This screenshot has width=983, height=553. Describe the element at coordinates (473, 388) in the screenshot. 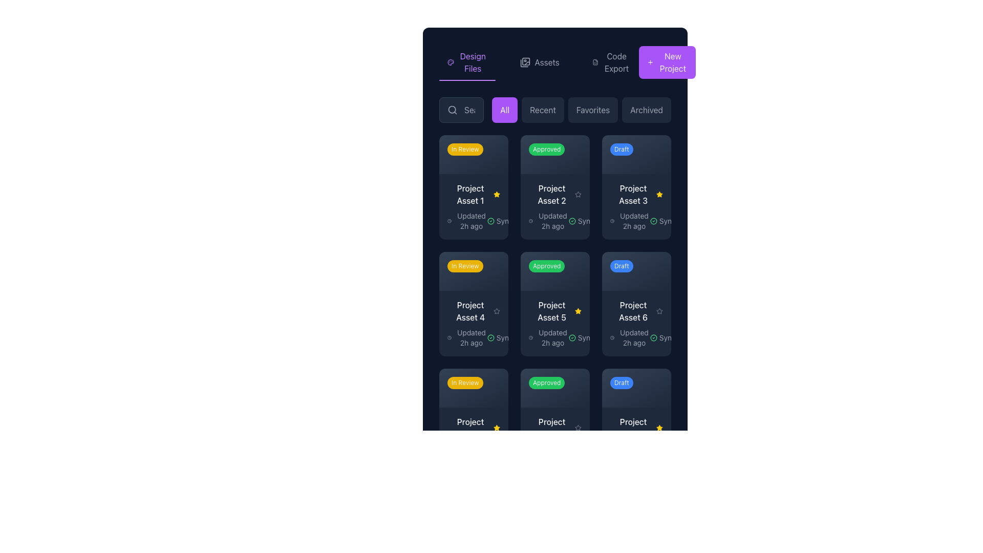

I see `the status indicator badge that shows 'In Review' for 'Project Asset 7' located at the top-left corner of its card in the second row and first column of the grid` at that location.